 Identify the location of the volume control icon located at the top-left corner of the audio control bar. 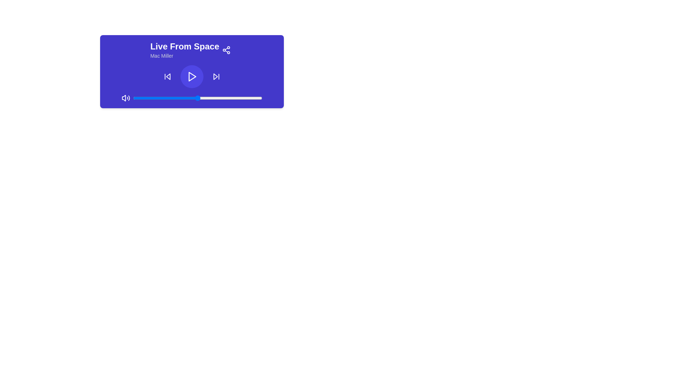
(126, 98).